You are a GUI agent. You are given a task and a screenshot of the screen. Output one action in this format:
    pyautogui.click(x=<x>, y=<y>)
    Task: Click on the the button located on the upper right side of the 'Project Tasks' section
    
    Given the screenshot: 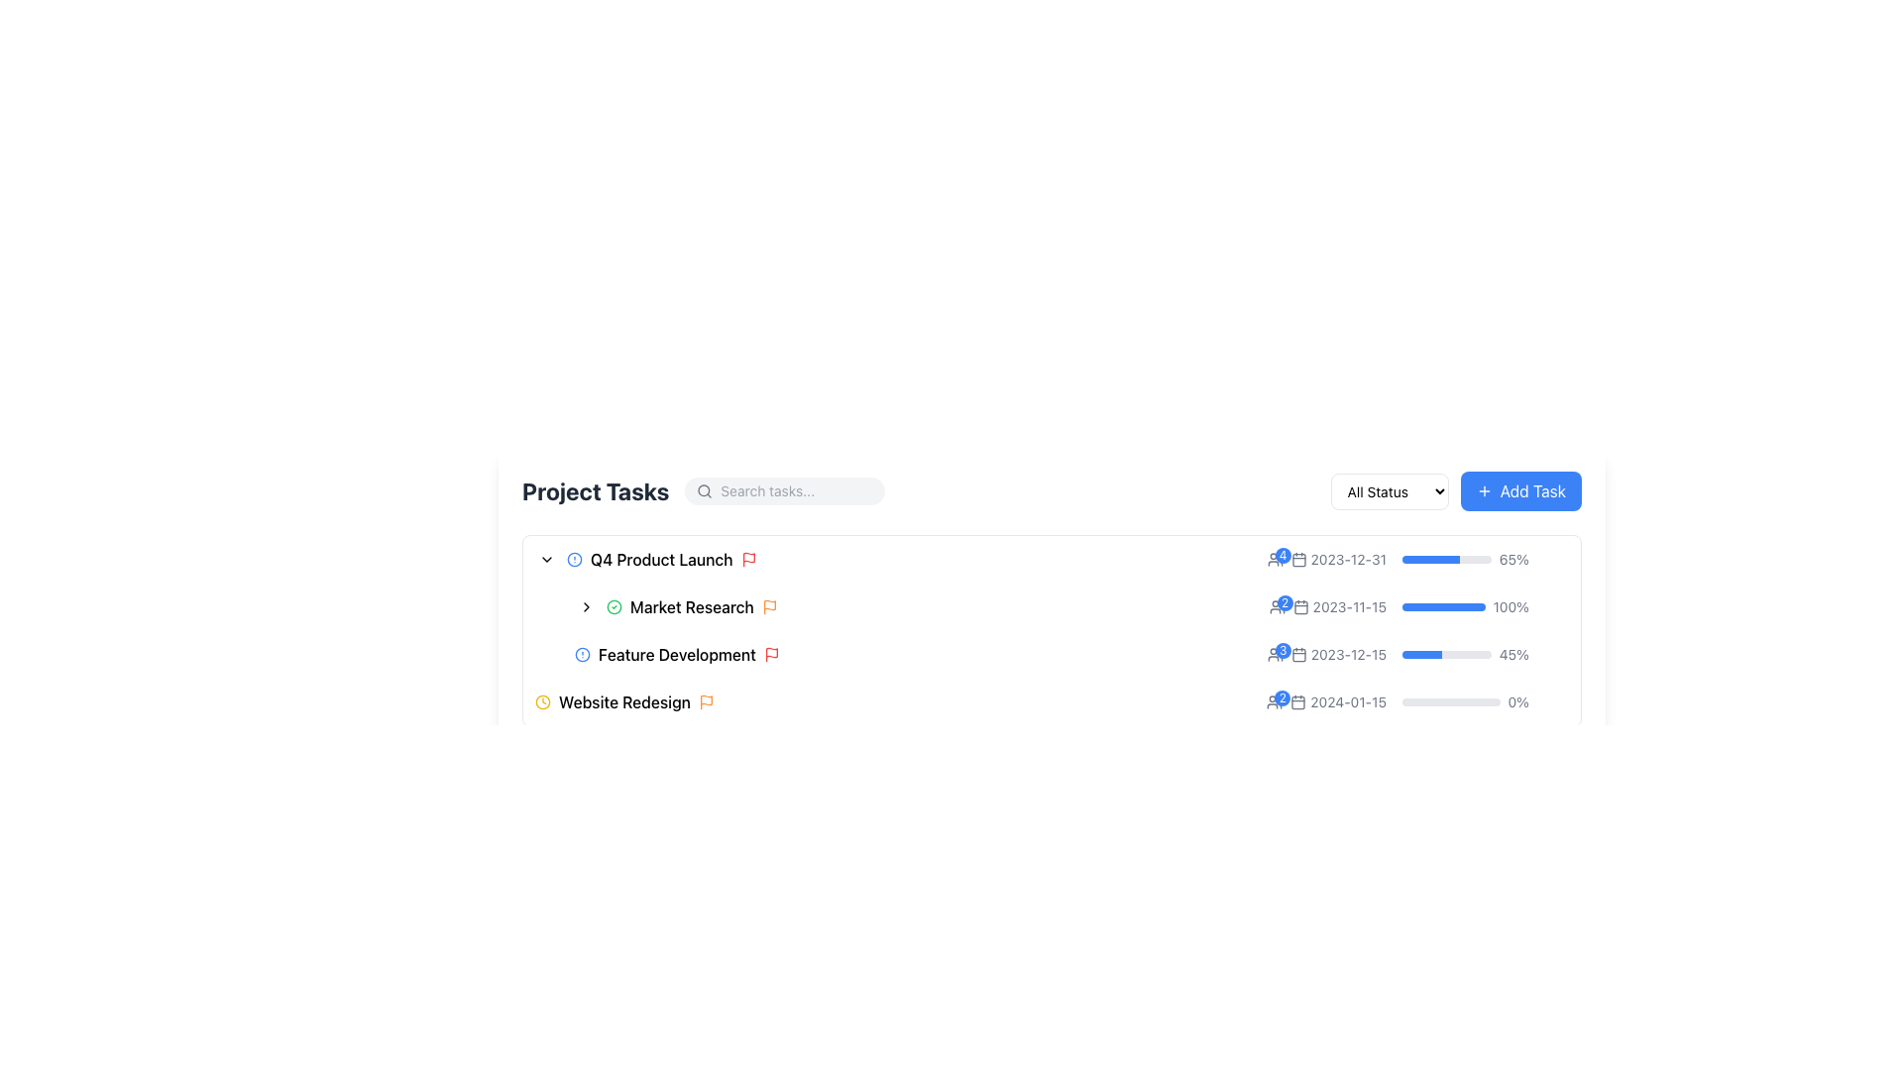 What is the action you would take?
    pyautogui.click(x=1455, y=490)
    